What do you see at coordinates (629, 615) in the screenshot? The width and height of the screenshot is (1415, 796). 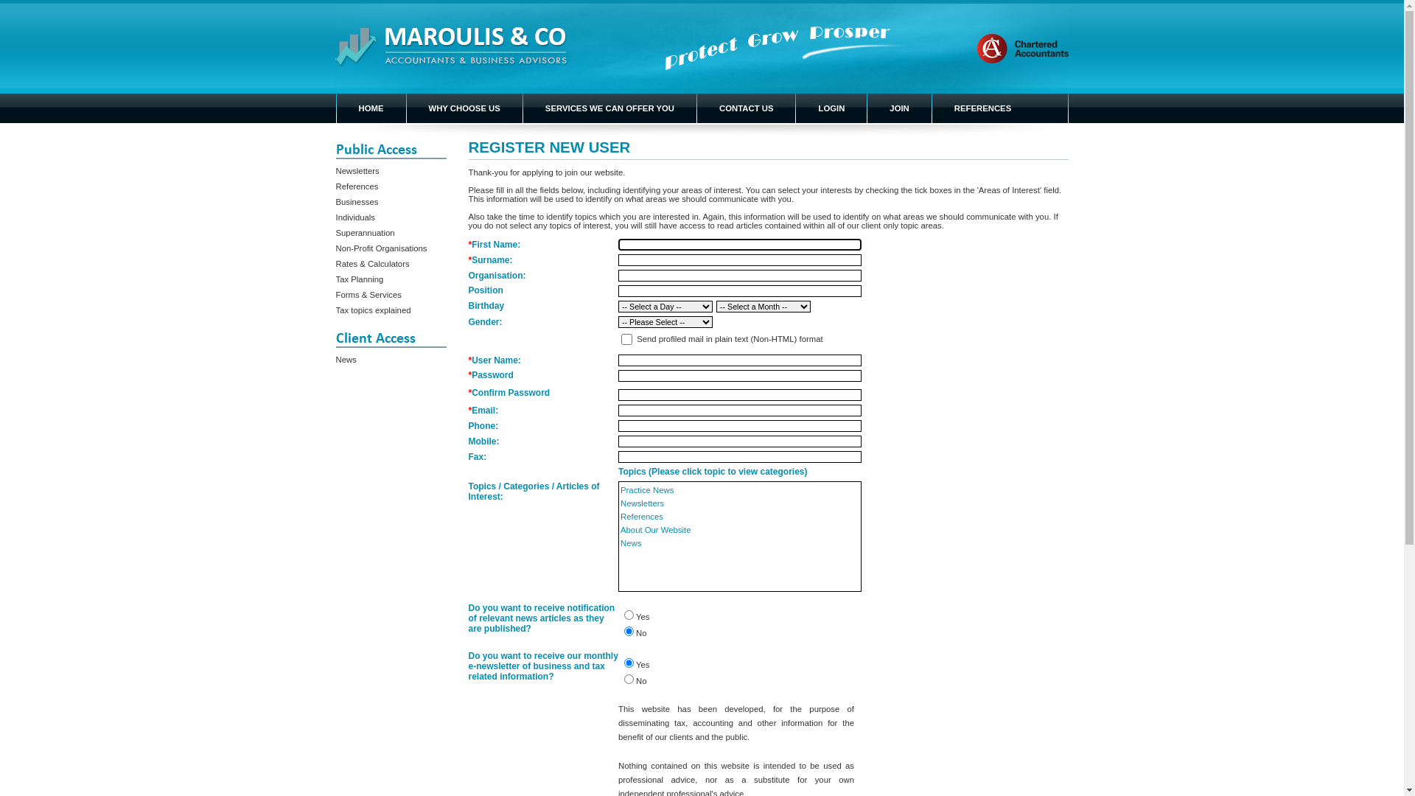 I see `'Yes'` at bounding box center [629, 615].